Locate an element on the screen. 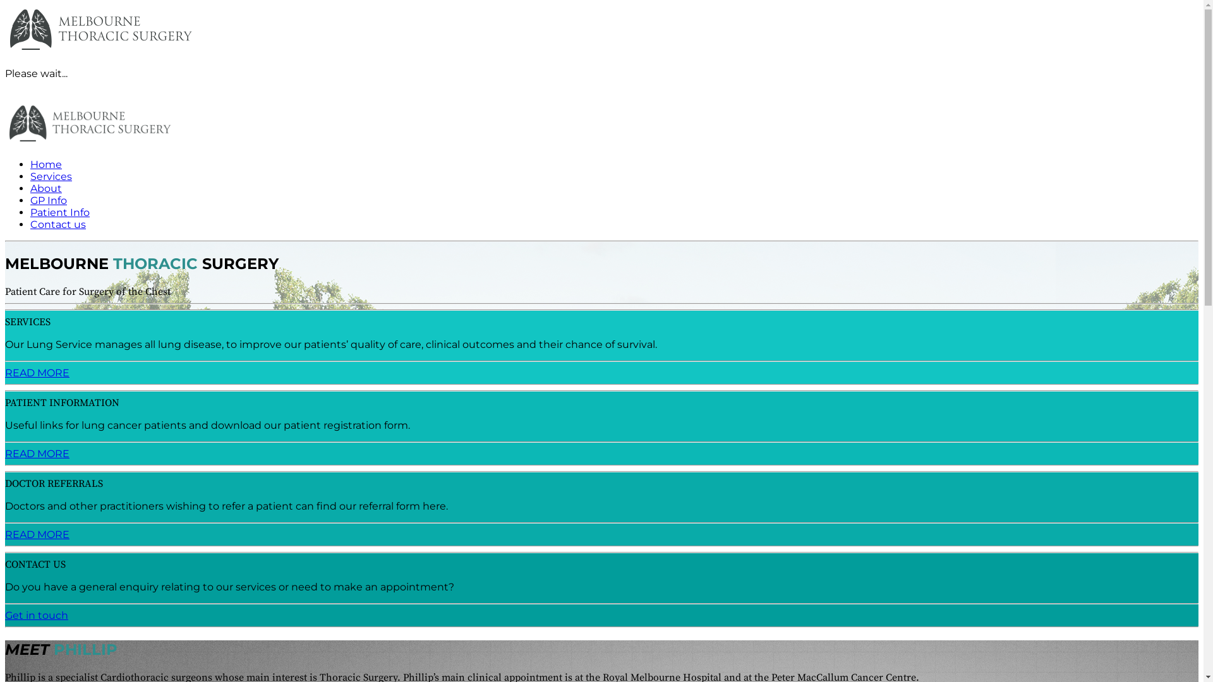  'Services' is located at coordinates (51, 176).